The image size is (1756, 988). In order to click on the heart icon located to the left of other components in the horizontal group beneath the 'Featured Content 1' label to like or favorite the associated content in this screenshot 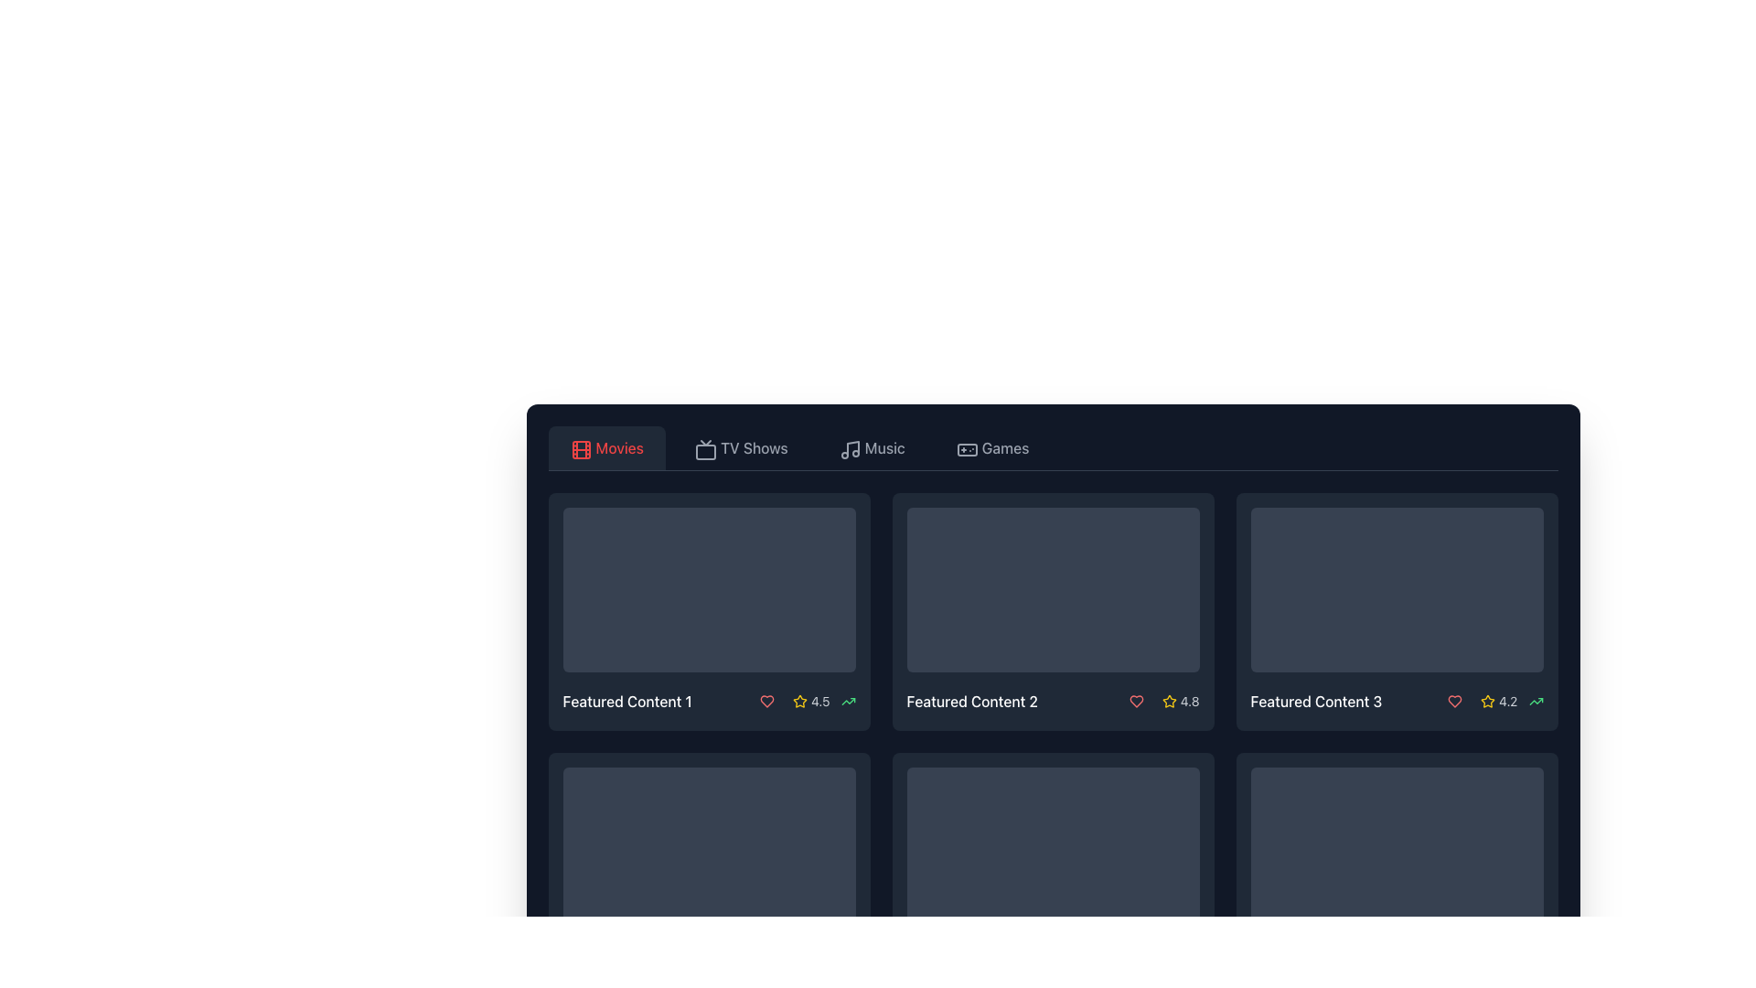, I will do `click(767, 701)`.